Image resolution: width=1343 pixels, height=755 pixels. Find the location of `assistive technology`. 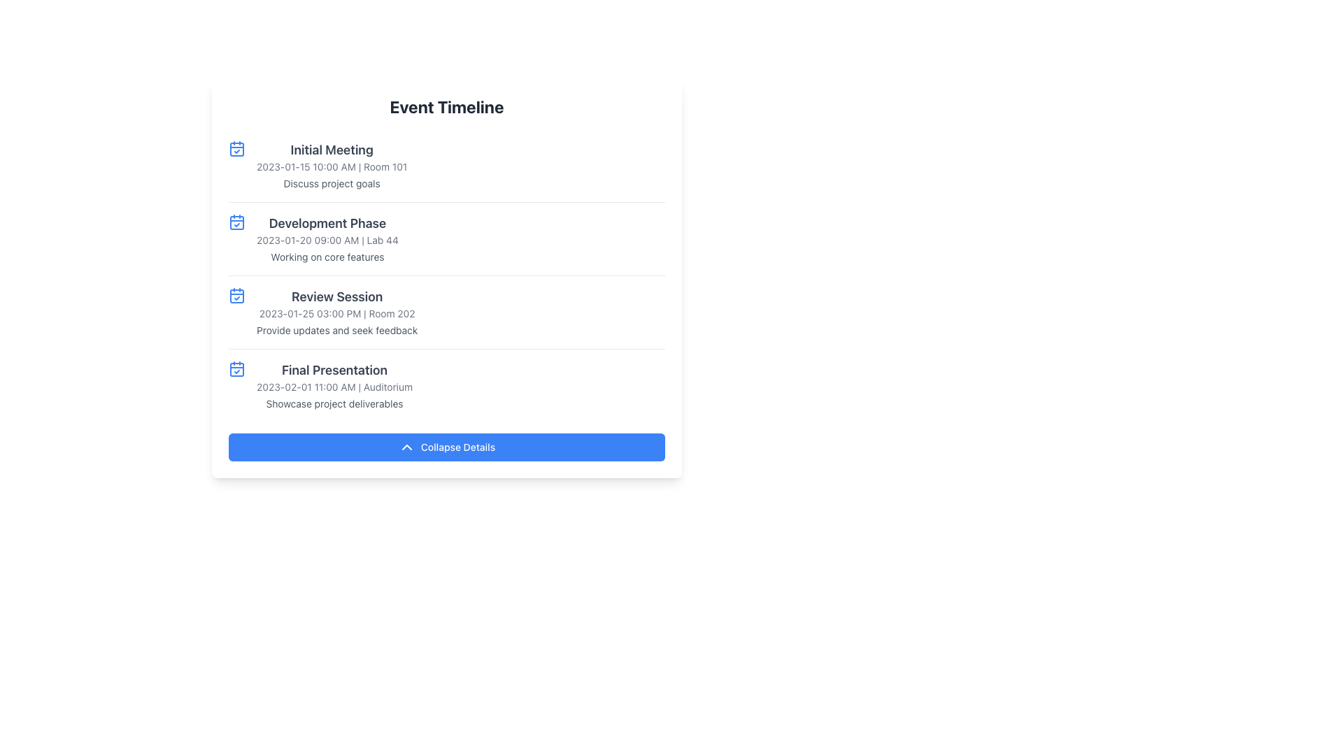

assistive technology is located at coordinates (327, 238).